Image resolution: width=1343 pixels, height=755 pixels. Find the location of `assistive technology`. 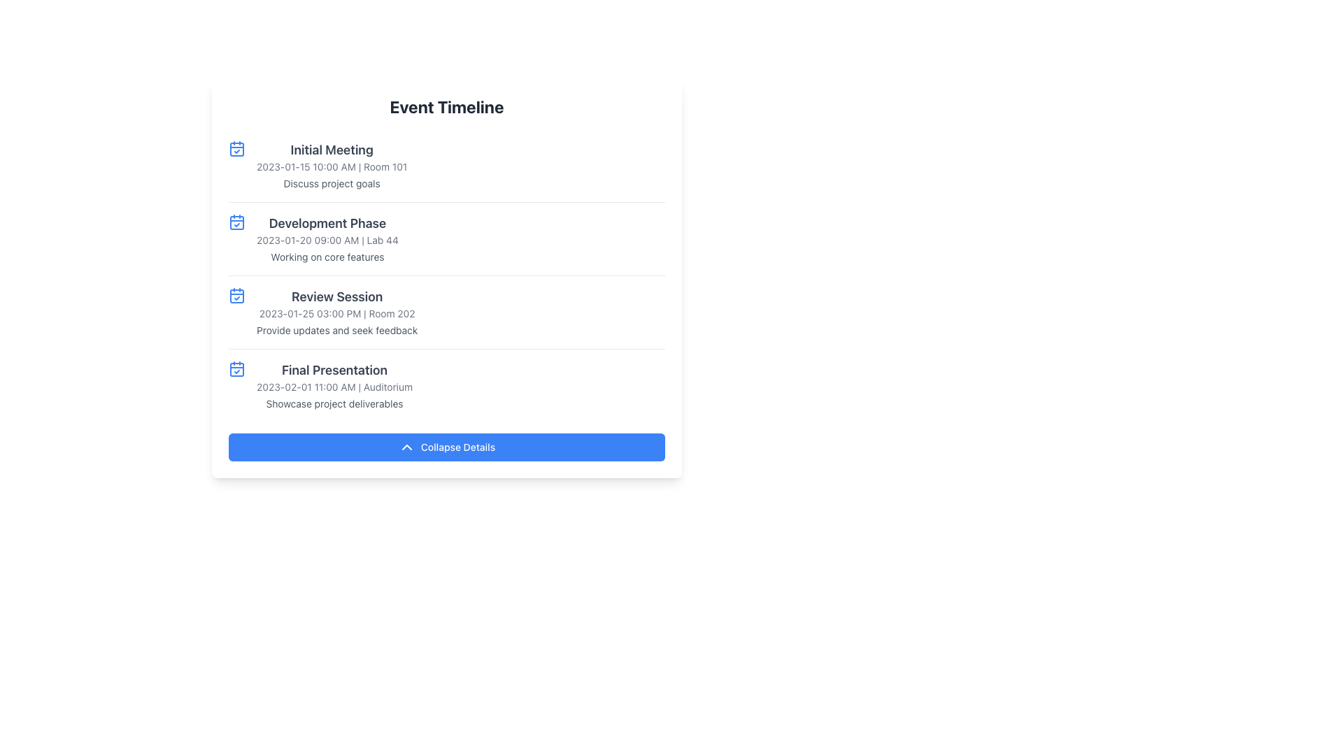

assistive technology is located at coordinates (327, 238).